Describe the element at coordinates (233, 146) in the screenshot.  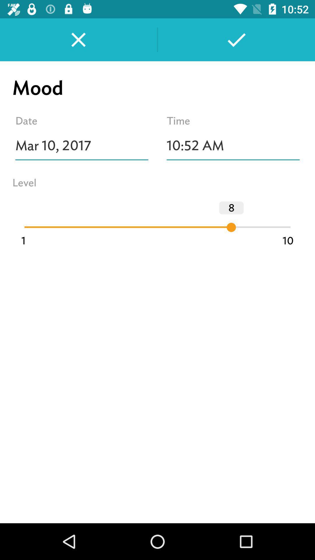
I see `10:52 am` at that location.